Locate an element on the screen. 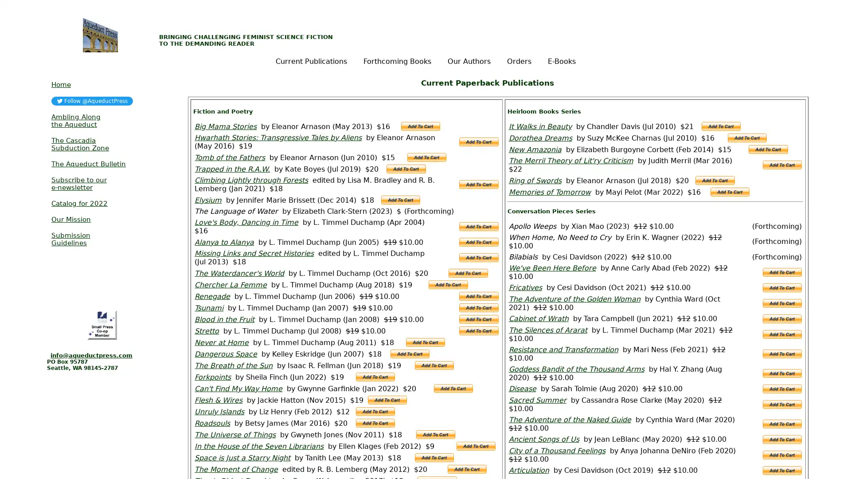 The image size is (851, 479). Make payments with PayPal - it\'s fast, free and secure! is located at coordinates (453, 388).